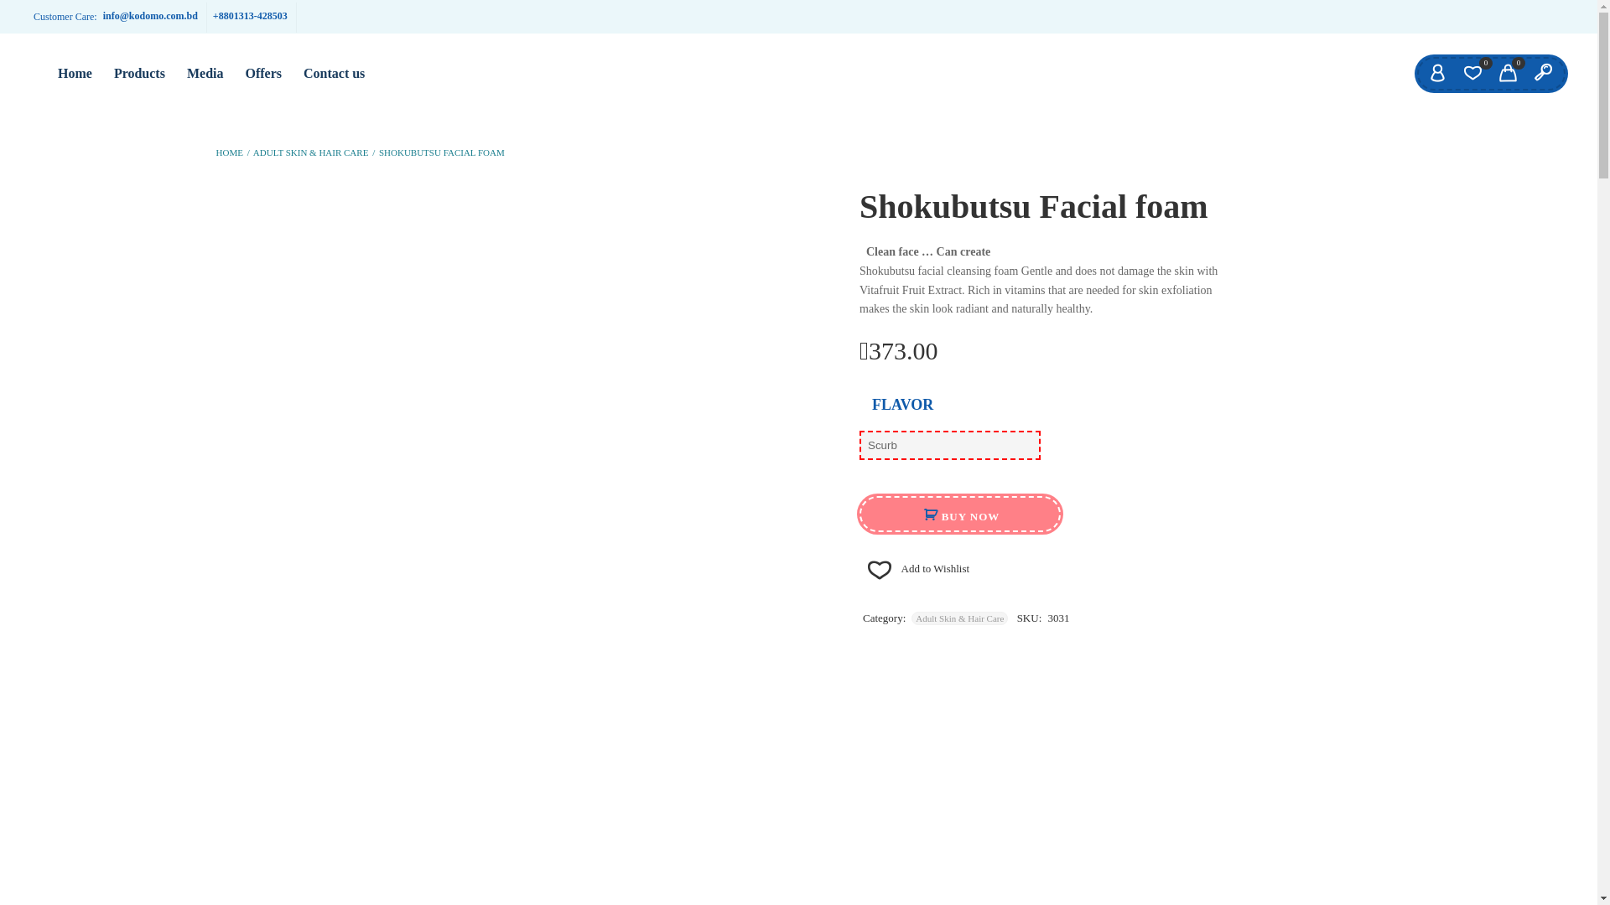 The height and width of the screenshot is (905, 1610). What do you see at coordinates (102, 73) in the screenshot?
I see `'Products'` at bounding box center [102, 73].